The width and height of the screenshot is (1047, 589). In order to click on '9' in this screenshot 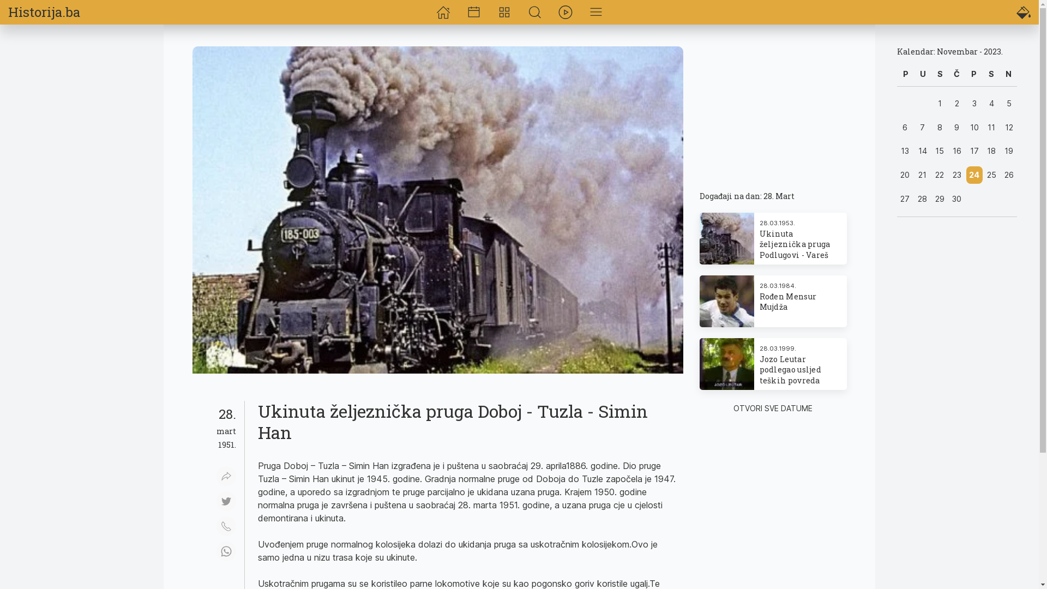, I will do `click(956, 127)`.